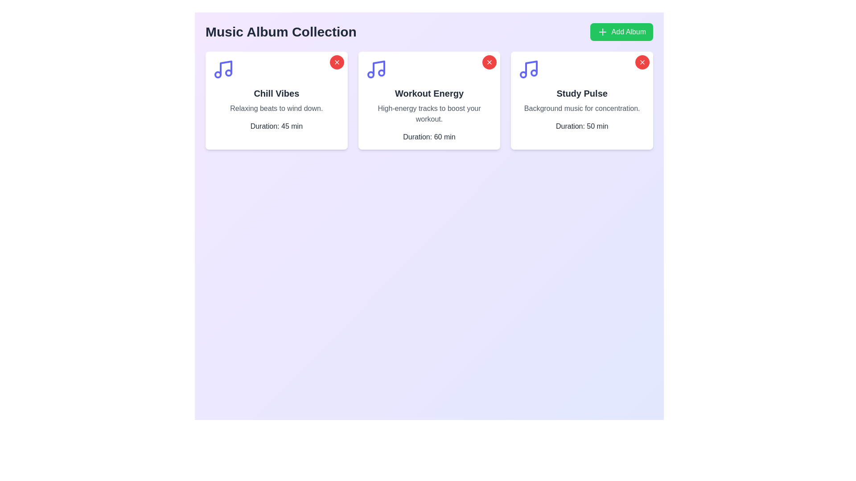 This screenshot has width=856, height=481. I want to click on the circular red button with a white 'X' icon located in the top-right corner of the 'Workout Energy' card, so click(489, 61).